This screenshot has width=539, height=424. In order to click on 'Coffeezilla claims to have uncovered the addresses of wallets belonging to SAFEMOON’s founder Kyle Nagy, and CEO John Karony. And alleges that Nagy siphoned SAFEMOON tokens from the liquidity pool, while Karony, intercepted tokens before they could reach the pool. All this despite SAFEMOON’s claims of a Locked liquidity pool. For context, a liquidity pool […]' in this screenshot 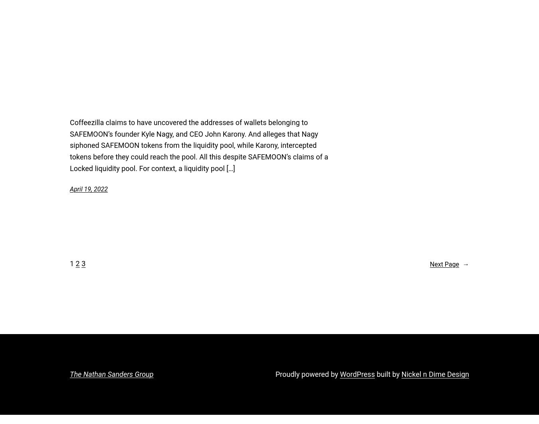, I will do `click(198, 145)`.